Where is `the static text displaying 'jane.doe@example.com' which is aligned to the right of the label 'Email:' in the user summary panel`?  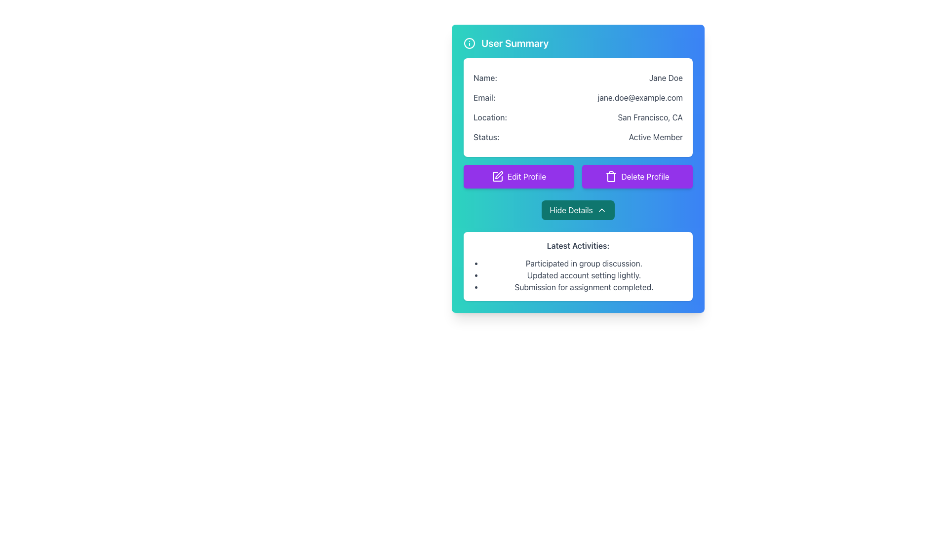 the static text displaying 'jane.doe@example.com' which is aligned to the right of the label 'Email:' in the user summary panel is located at coordinates (640, 97).